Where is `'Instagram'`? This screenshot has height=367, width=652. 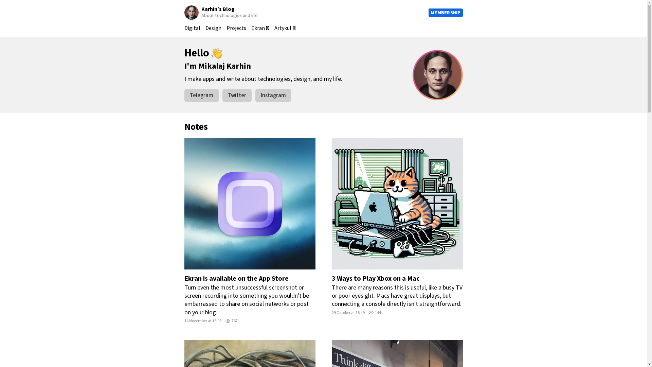
'Instagram' is located at coordinates (273, 95).